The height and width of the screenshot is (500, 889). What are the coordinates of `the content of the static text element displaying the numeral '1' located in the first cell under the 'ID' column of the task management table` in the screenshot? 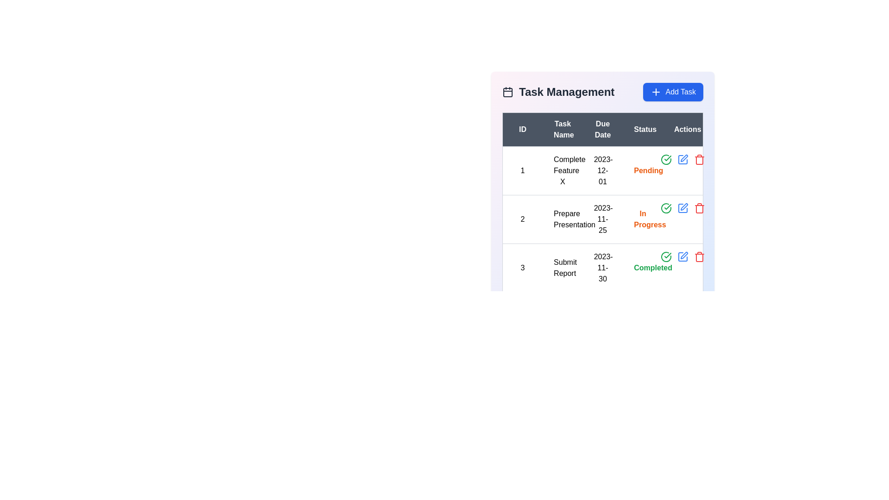 It's located at (522, 171).